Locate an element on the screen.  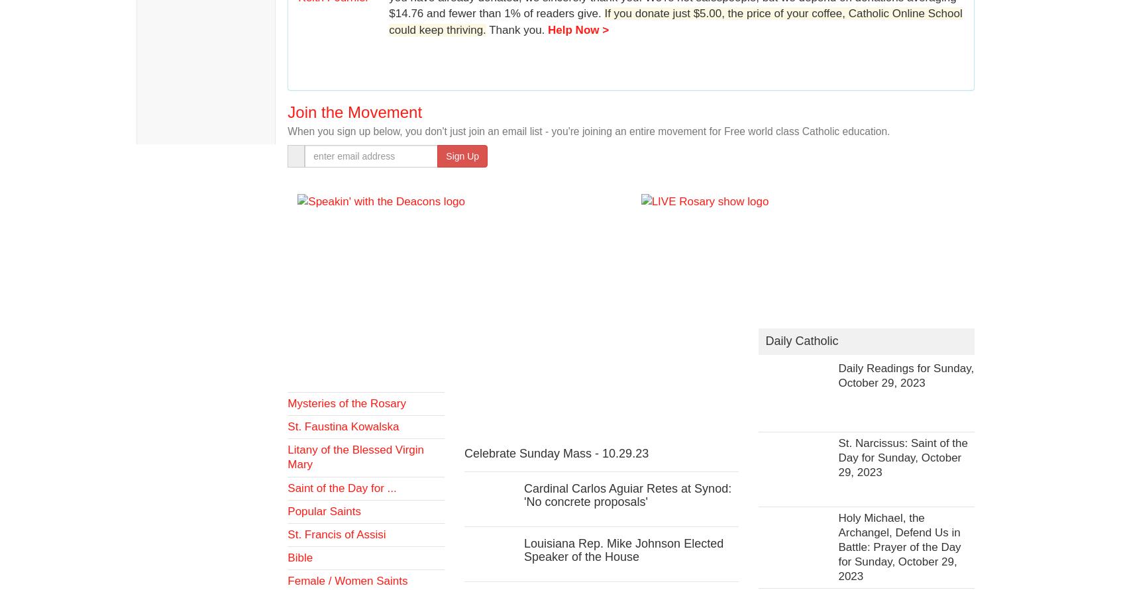
'Thank you.' is located at coordinates (517, 29).